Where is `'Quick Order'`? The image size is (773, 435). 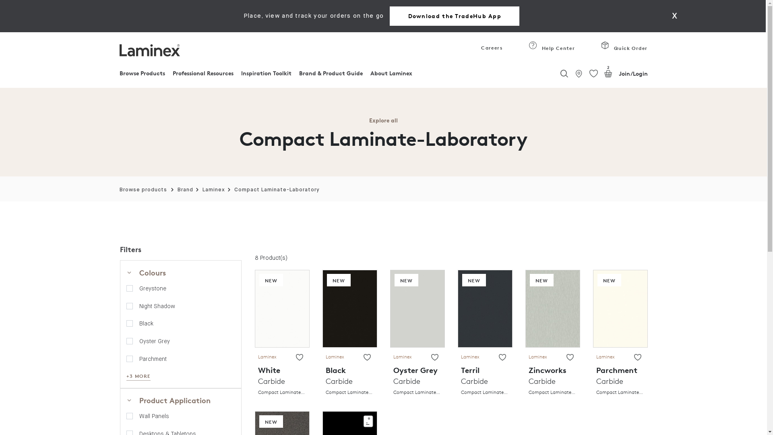
'Quick Order' is located at coordinates (601, 50).